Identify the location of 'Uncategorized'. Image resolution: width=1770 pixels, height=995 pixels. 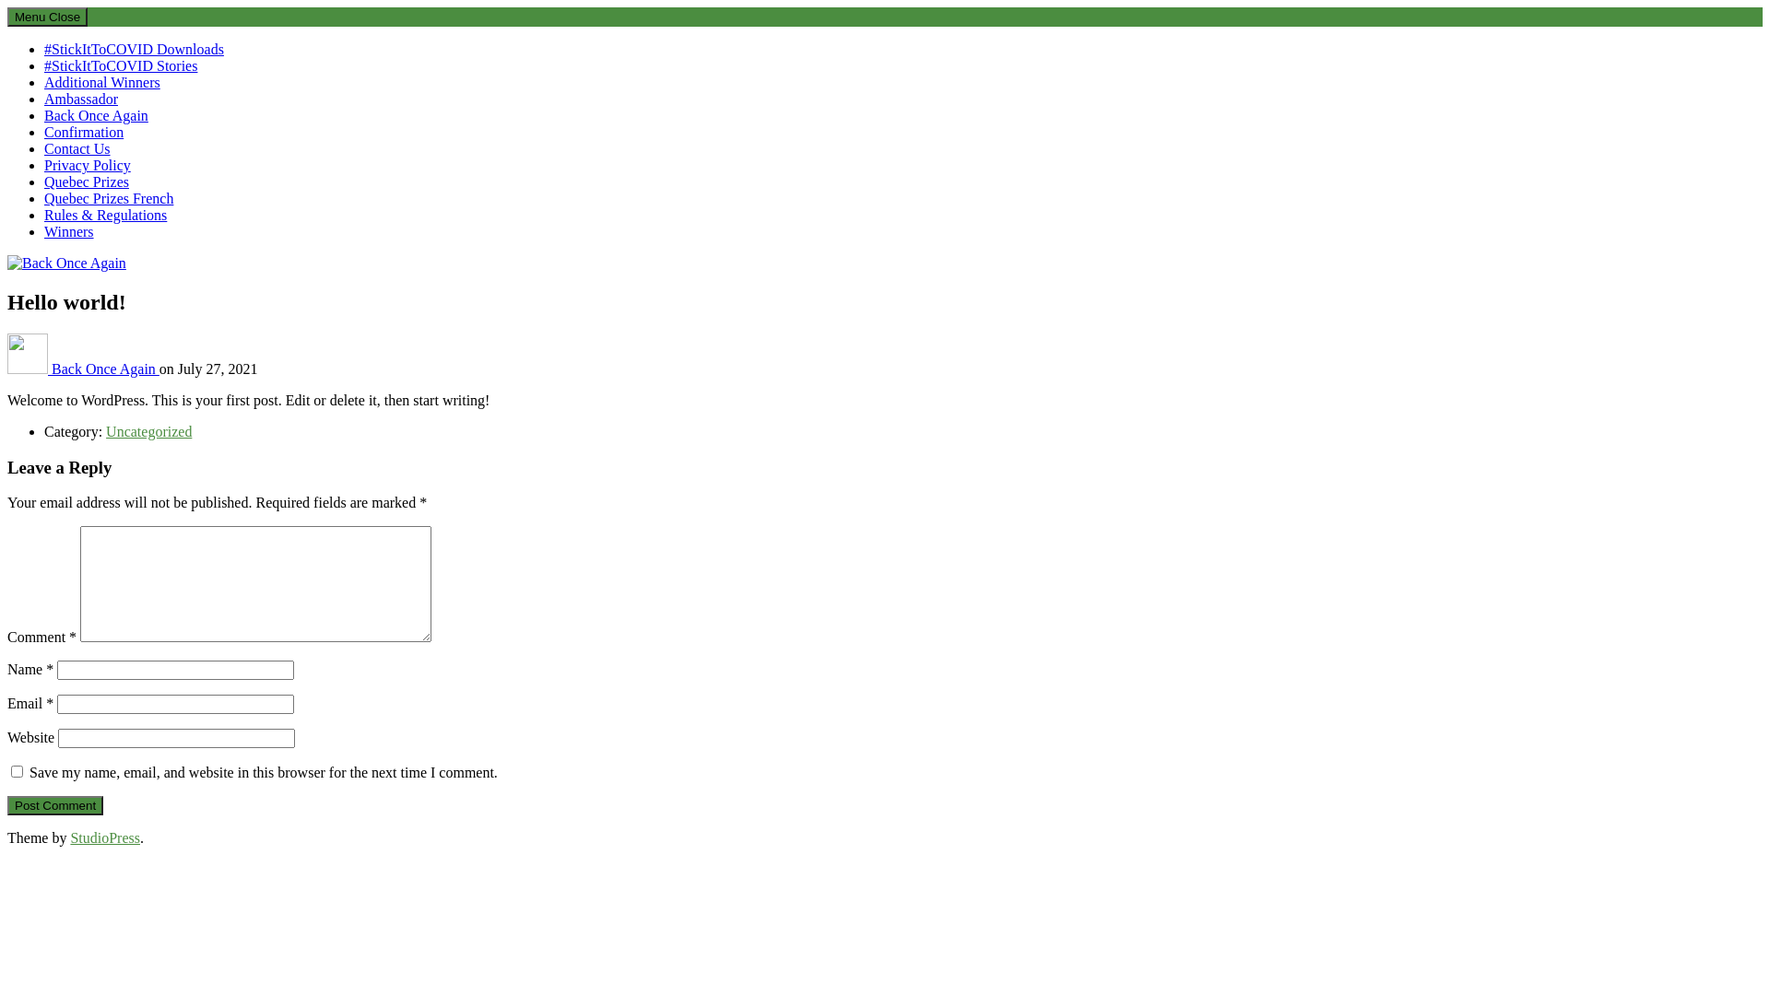
(148, 431).